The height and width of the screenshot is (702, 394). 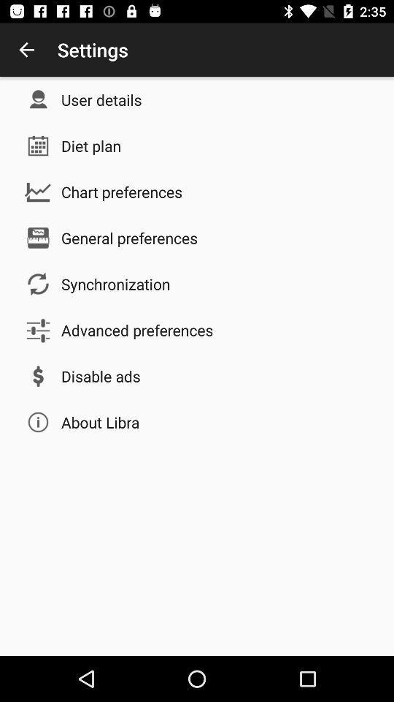 I want to click on the general preferences app, so click(x=129, y=238).